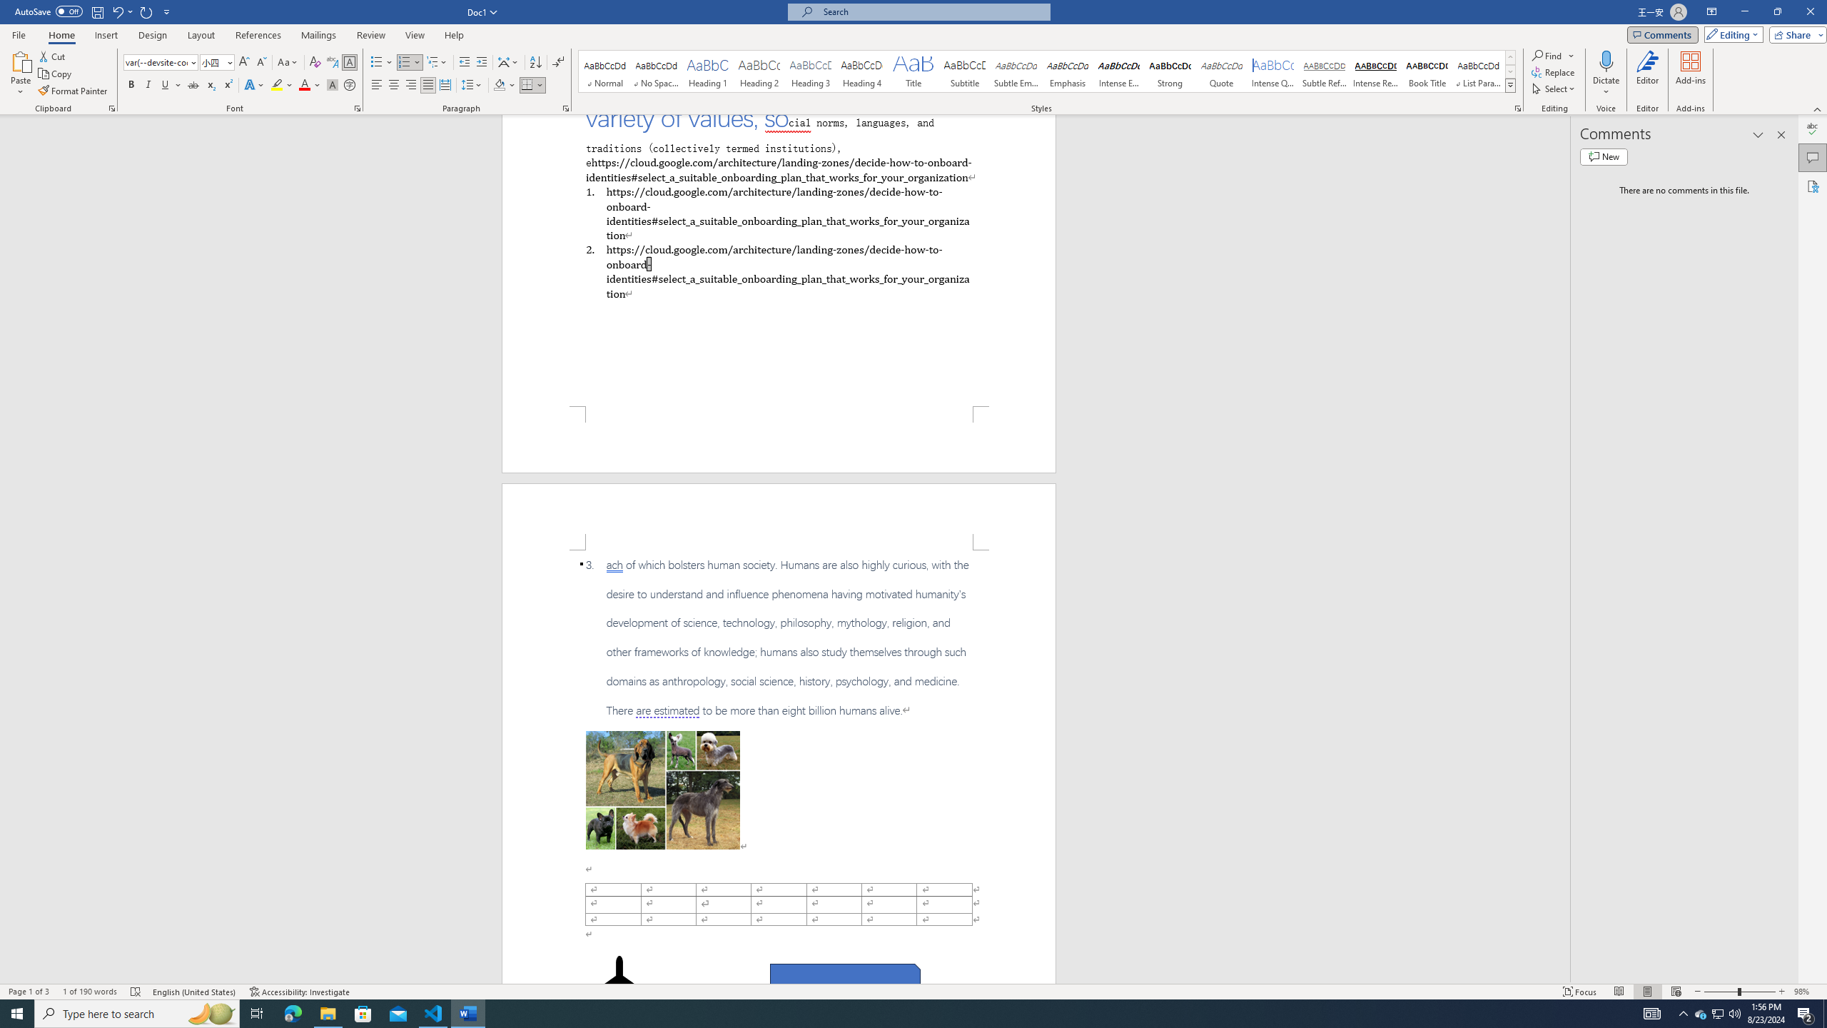  Describe the element at coordinates (779, 260) in the screenshot. I see `'Page 1 content'` at that location.